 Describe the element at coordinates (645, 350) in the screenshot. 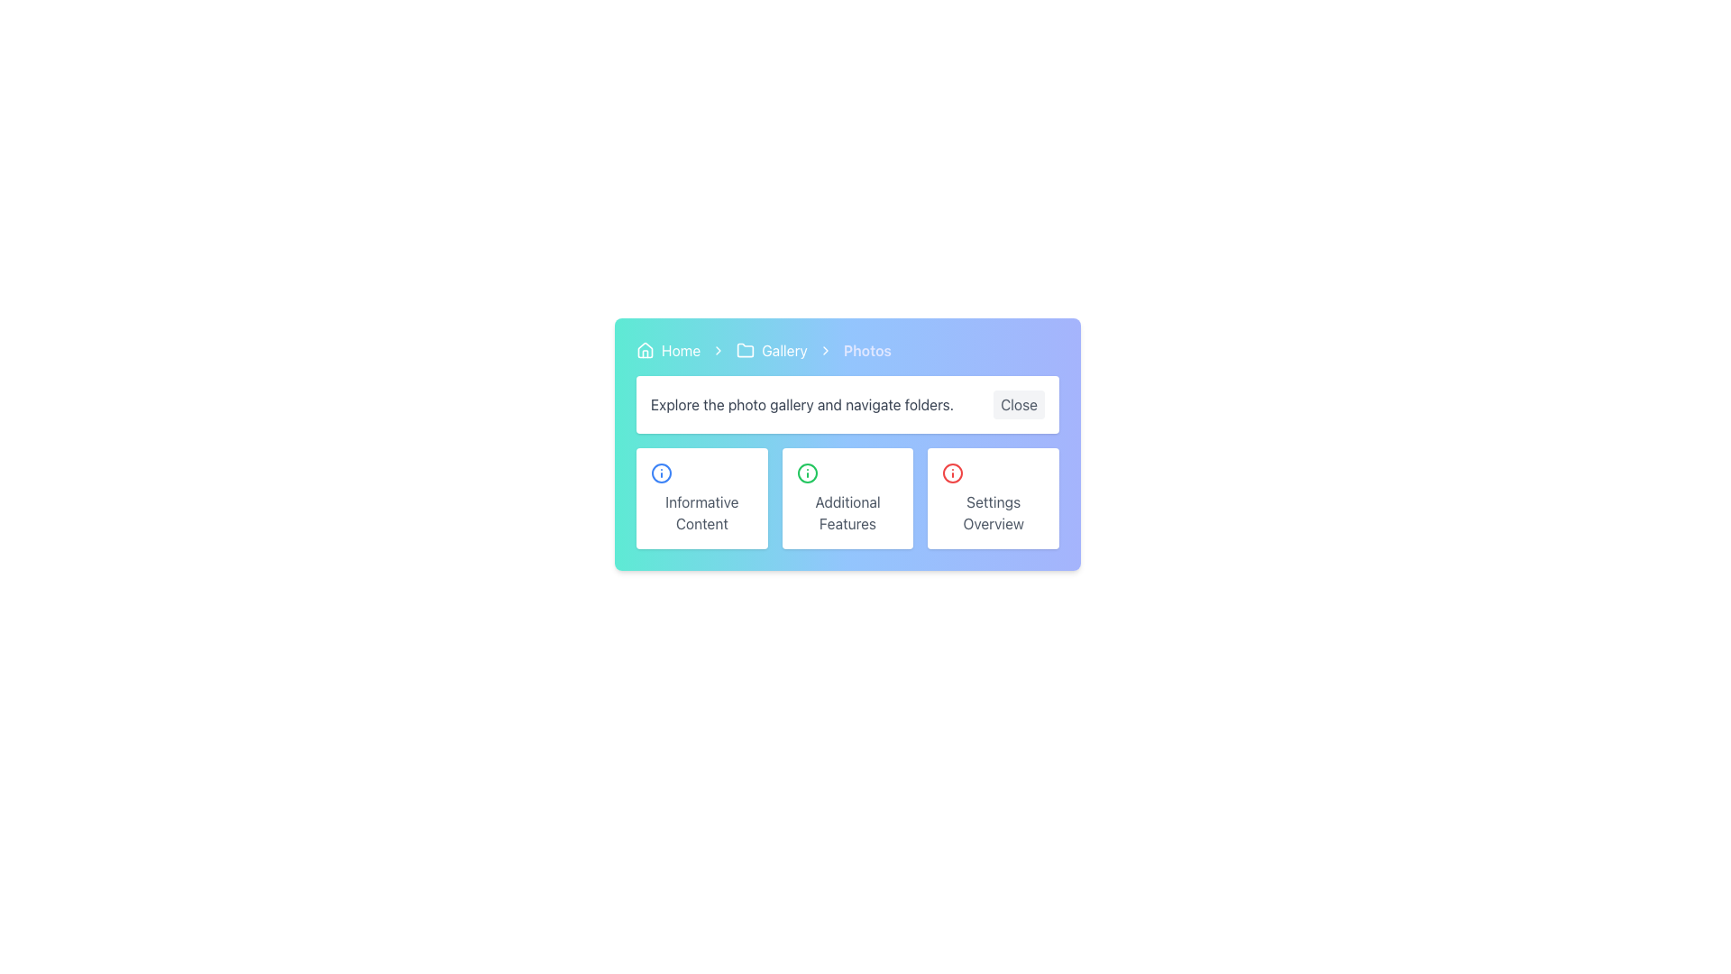

I see `the house icon in the breadcrumb navigation bar` at that location.